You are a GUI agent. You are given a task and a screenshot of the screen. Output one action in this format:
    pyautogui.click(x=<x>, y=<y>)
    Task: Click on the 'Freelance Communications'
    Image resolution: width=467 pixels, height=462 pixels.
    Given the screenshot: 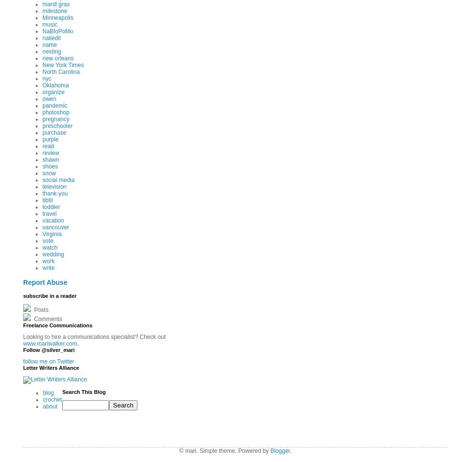 What is the action you would take?
    pyautogui.click(x=57, y=324)
    